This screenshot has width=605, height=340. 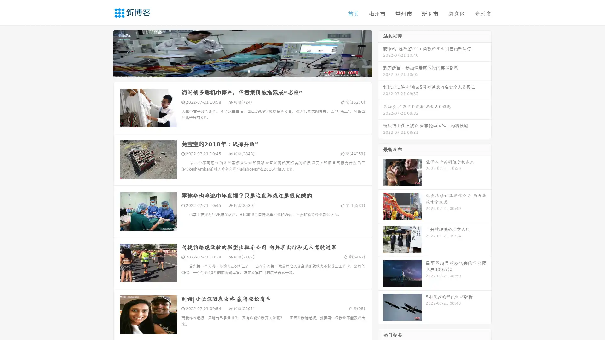 I want to click on Next slide, so click(x=381, y=53).